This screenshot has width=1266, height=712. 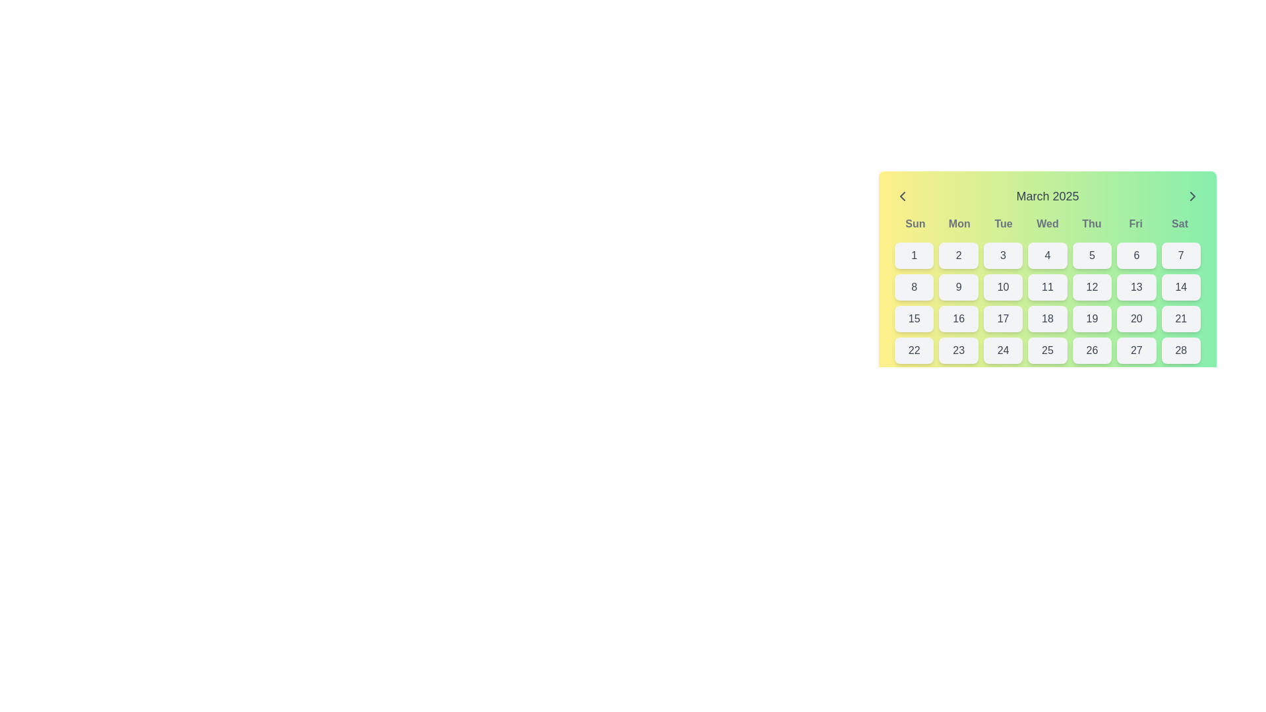 What do you see at coordinates (1003, 223) in the screenshot?
I see `the Static Text Label displaying 'Tue' in dark gray, which is the third item in the calendar header row` at bounding box center [1003, 223].